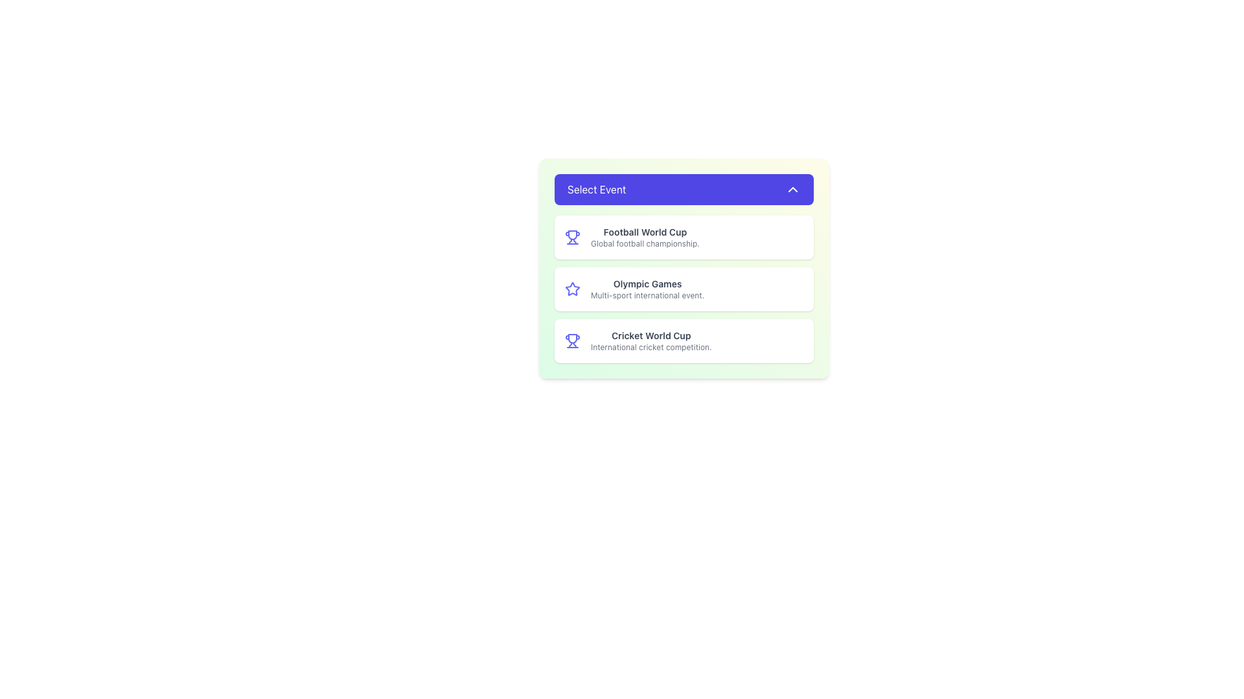 The image size is (1244, 699). I want to click on the informational card about the Olympic Games, which is the second selectable item in the 'Select Event' list, located between the 'Football World Cup' and 'Cricket World Cup' cards, so click(684, 289).